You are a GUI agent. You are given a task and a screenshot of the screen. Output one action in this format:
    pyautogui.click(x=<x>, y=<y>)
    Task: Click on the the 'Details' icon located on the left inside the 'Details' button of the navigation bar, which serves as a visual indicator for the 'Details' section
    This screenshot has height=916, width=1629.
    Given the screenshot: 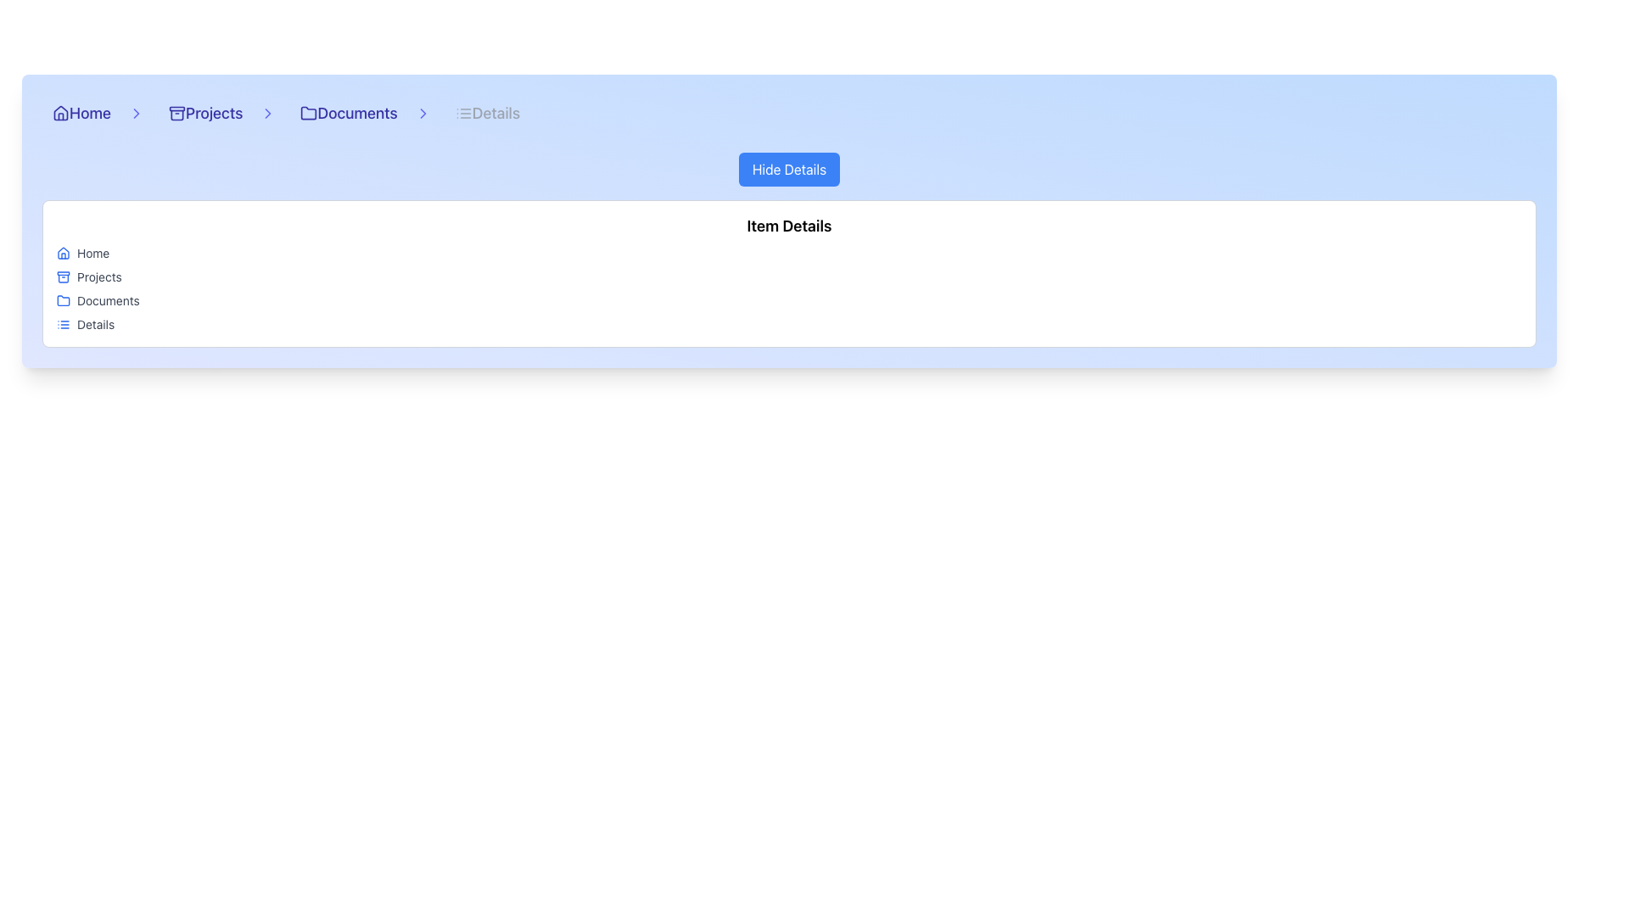 What is the action you would take?
    pyautogui.click(x=463, y=114)
    